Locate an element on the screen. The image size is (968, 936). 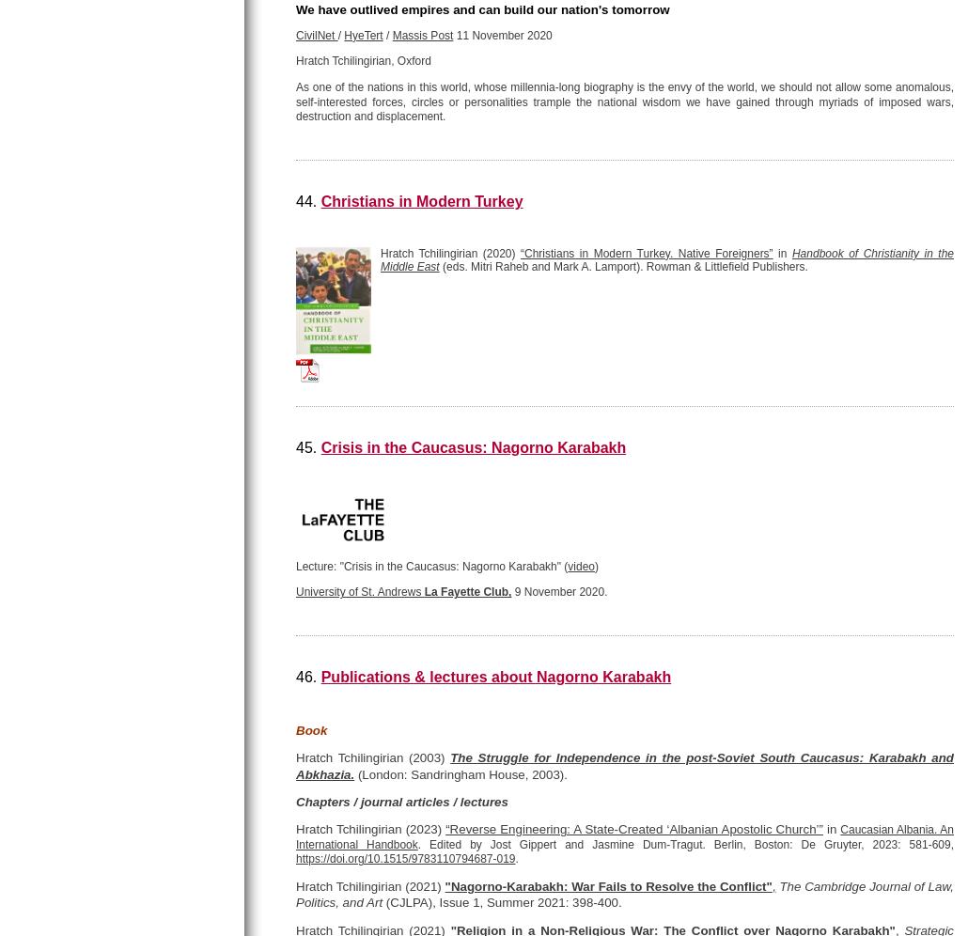
'Chapters / journal articles / lectures' is located at coordinates (401, 801).